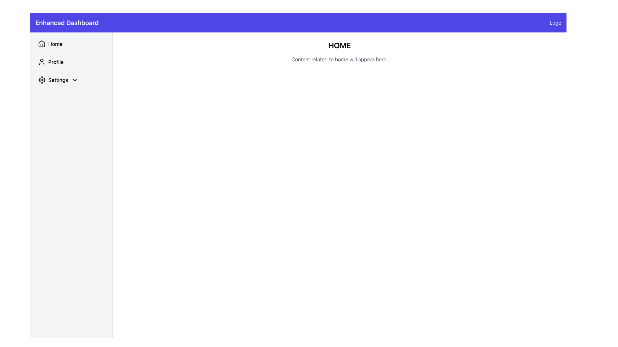 This screenshot has width=618, height=347. I want to click on the prominently styled text element labeled 'HOME', which is in large, bold font and located at the top center of the main content area, so click(339, 45).